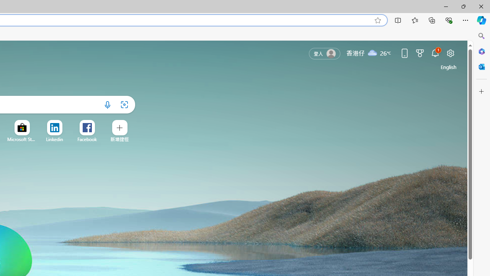 The height and width of the screenshot is (276, 490). What do you see at coordinates (448, 66) in the screenshot?
I see `'United States (English)'` at bounding box center [448, 66].